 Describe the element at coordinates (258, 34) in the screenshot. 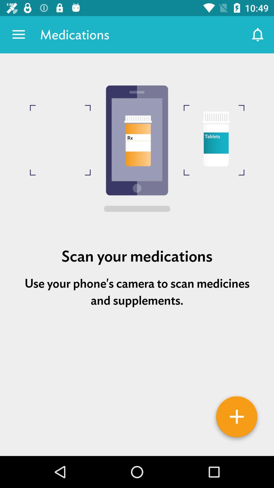

I see `icon to the right of medications app` at that location.